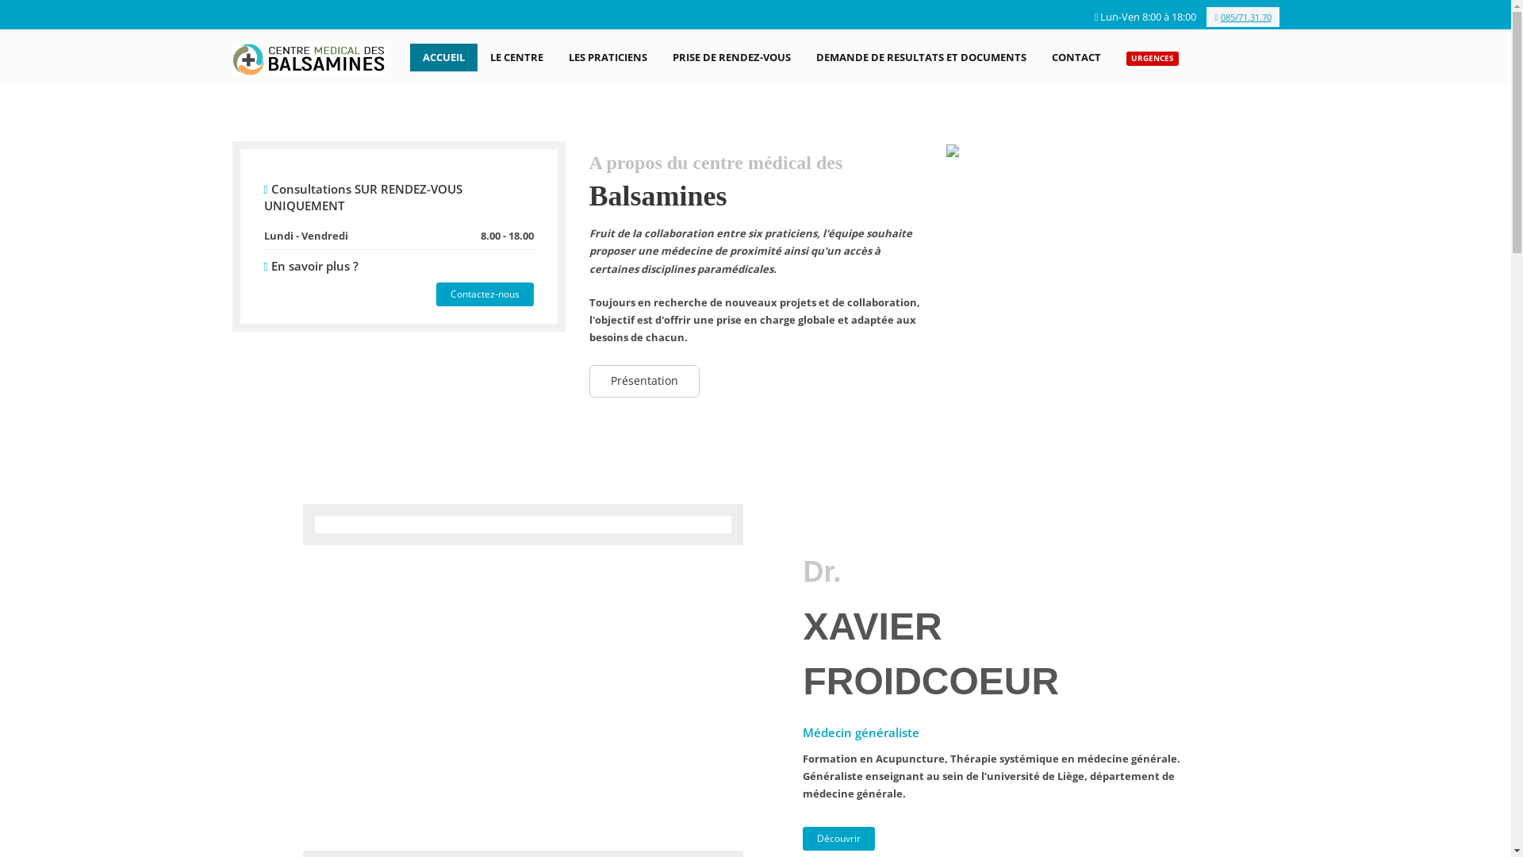  Describe the element at coordinates (607, 56) in the screenshot. I see `'LES PRATICIENS'` at that location.